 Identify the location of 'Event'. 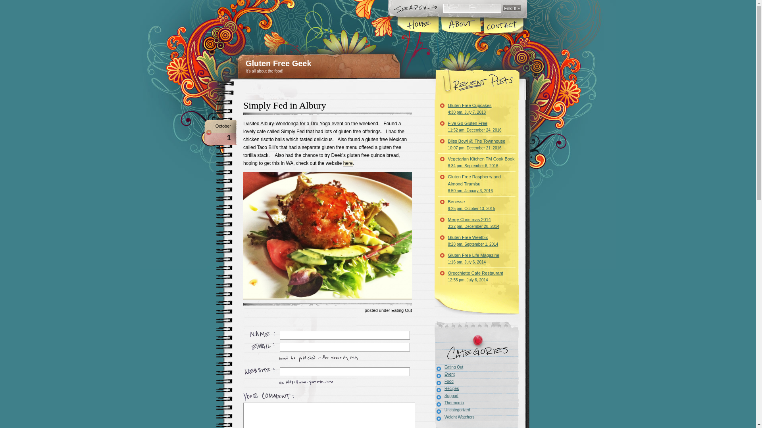
(444, 374).